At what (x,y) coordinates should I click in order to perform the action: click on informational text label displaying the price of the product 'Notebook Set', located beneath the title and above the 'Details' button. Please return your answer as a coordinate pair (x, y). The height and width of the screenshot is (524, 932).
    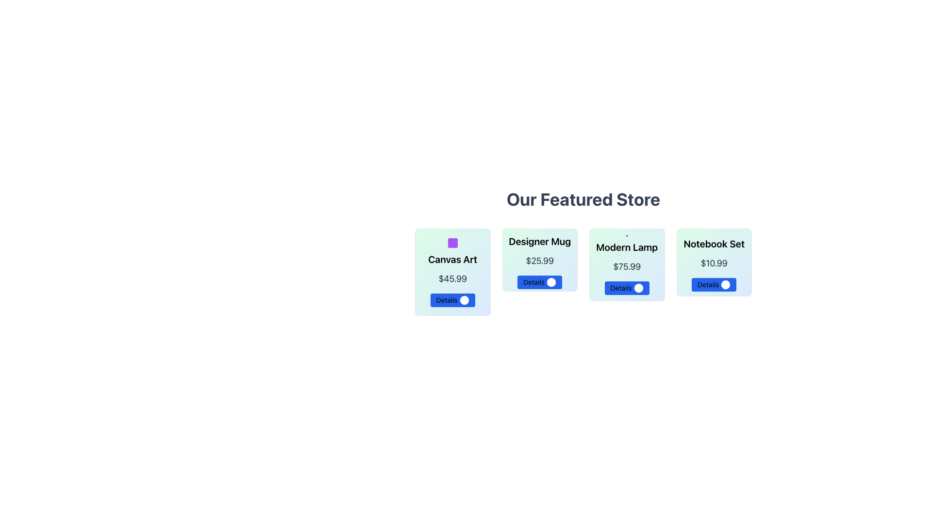
    Looking at the image, I should click on (714, 263).